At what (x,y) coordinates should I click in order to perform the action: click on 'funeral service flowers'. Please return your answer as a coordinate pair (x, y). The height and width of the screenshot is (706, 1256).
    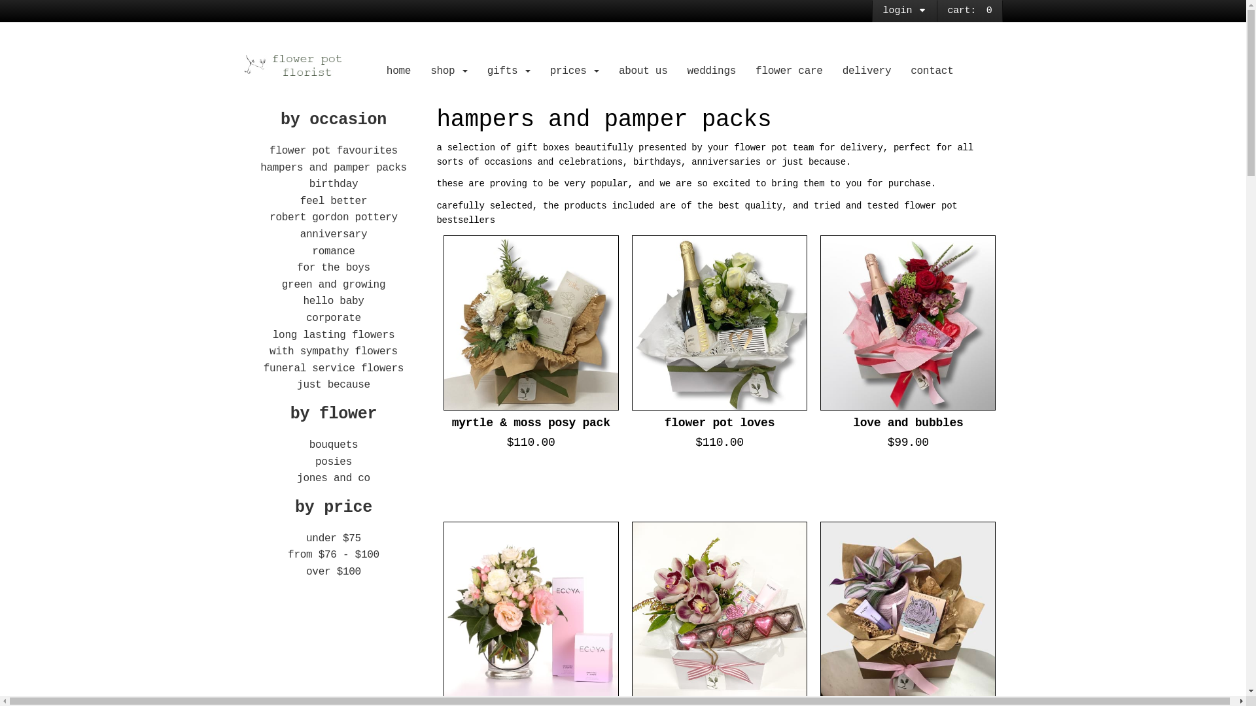
    Looking at the image, I should click on (333, 368).